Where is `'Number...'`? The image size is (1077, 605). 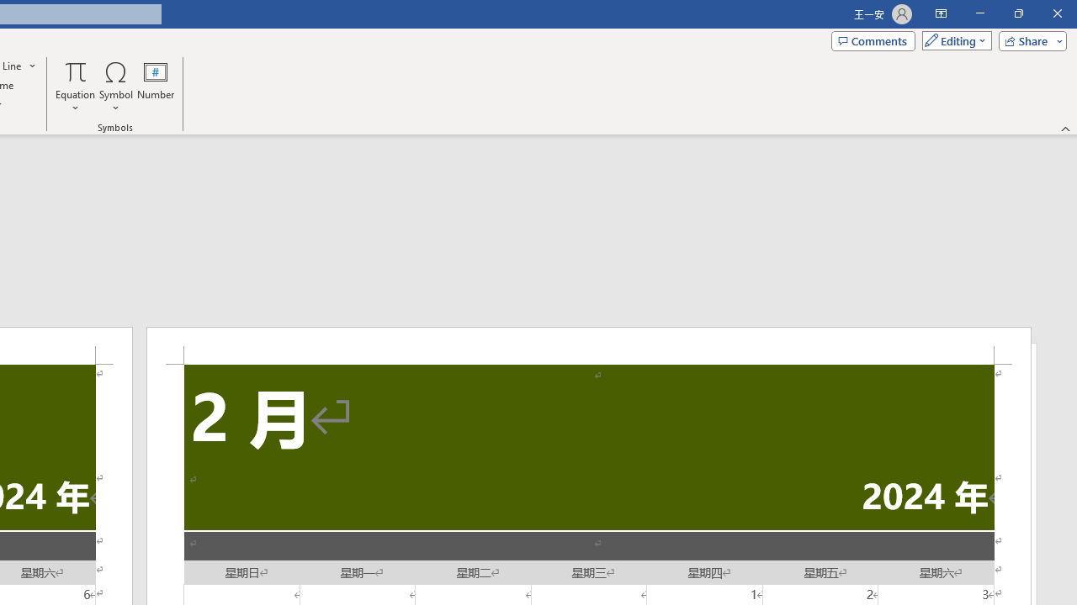 'Number...' is located at coordinates (156, 87).